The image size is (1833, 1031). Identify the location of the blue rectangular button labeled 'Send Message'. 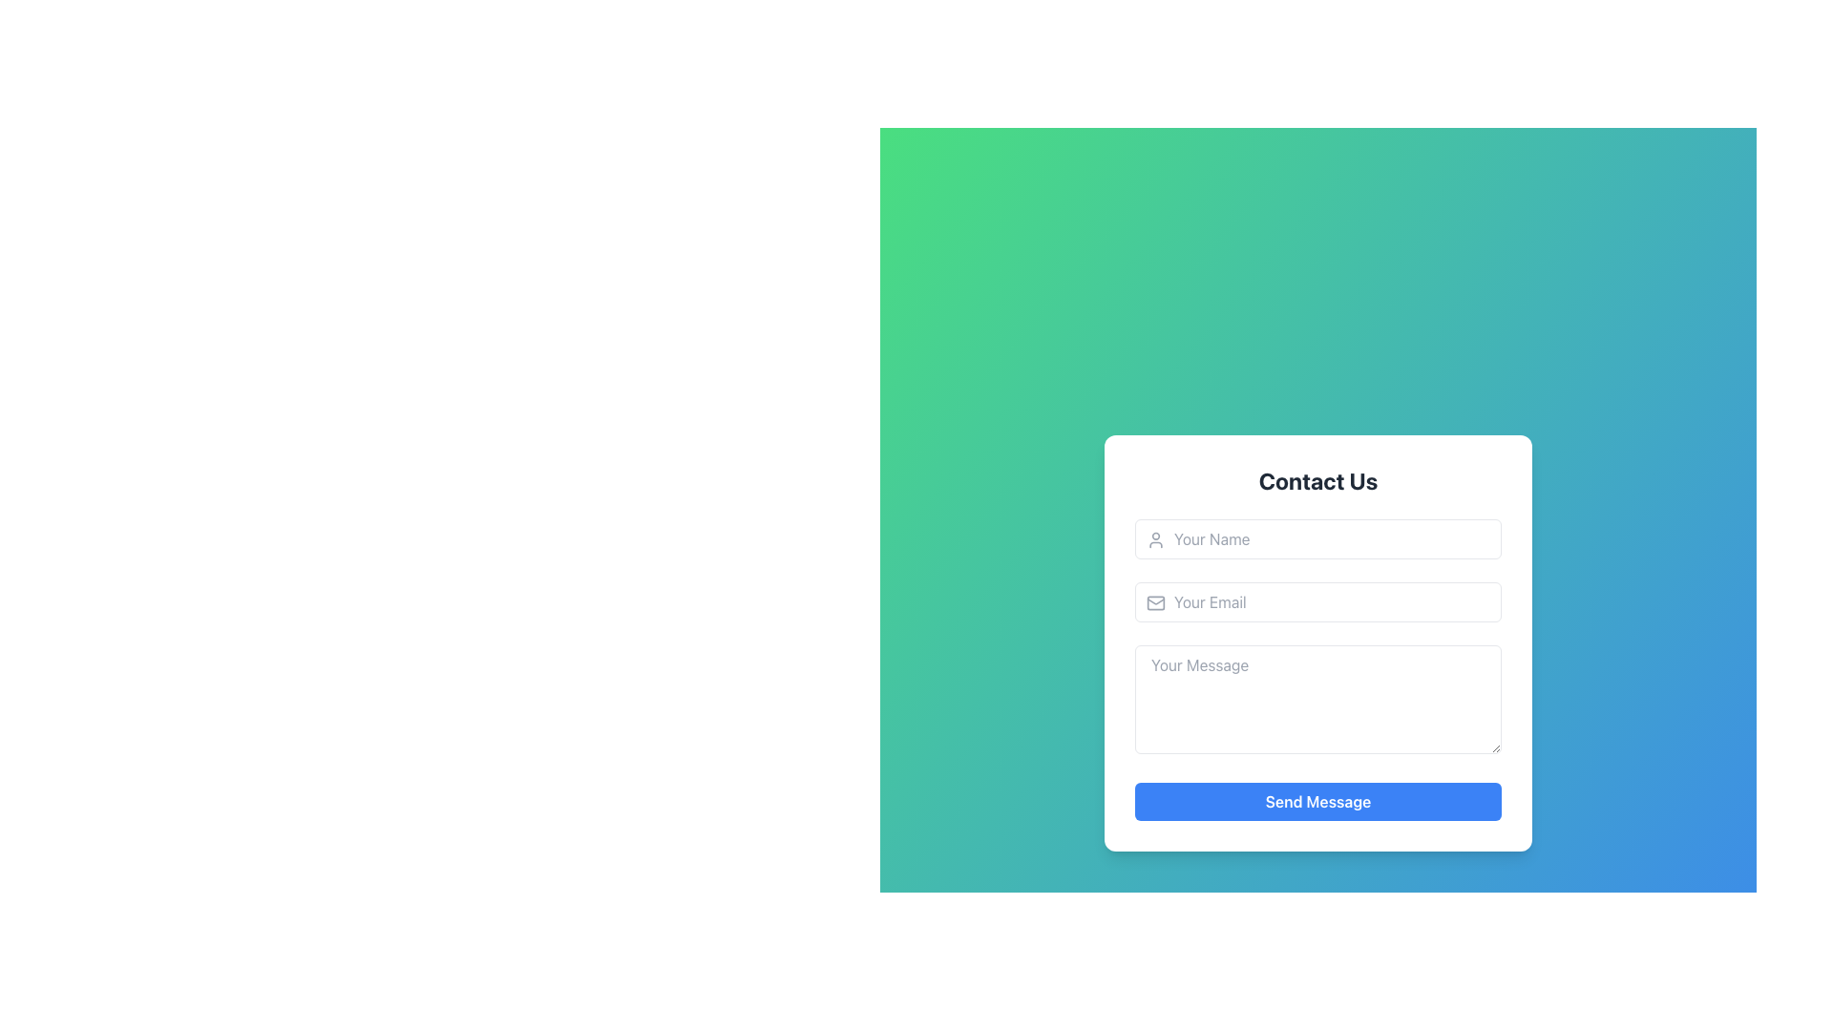
(1317, 802).